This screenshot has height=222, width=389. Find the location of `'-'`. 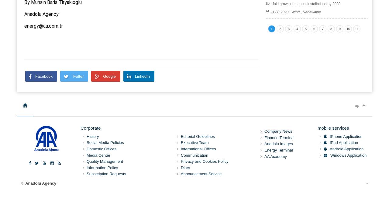

'-' is located at coordinates (367, 183).